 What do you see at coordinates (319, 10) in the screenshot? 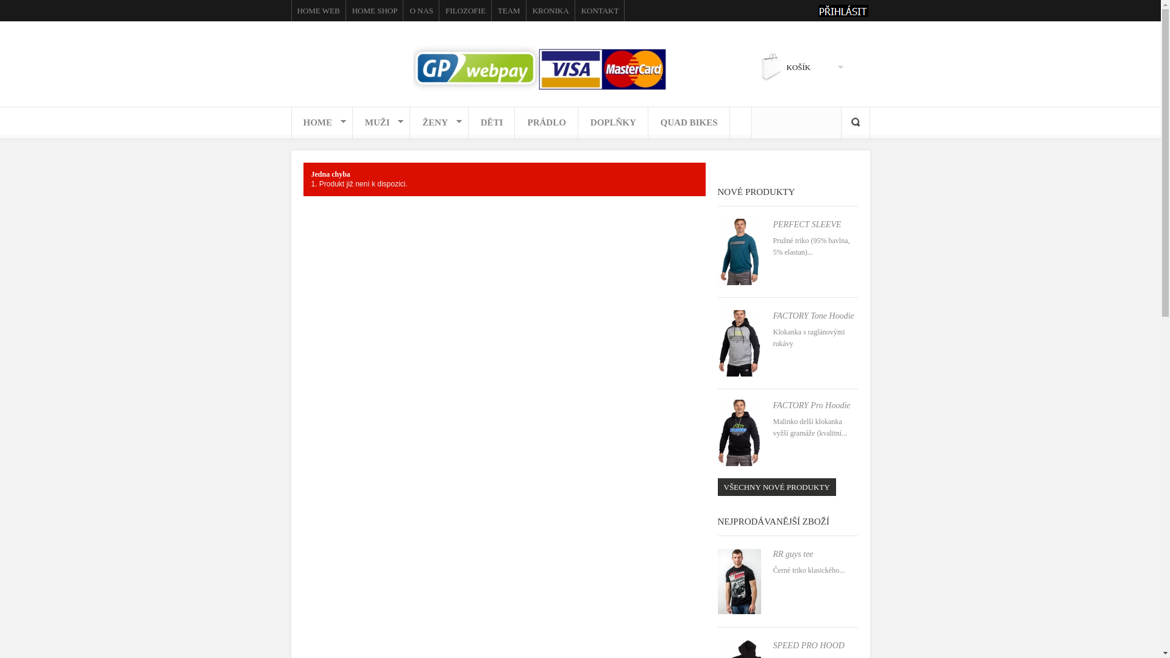
I see `'HOME WEB'` at bounding box center [319, 10].